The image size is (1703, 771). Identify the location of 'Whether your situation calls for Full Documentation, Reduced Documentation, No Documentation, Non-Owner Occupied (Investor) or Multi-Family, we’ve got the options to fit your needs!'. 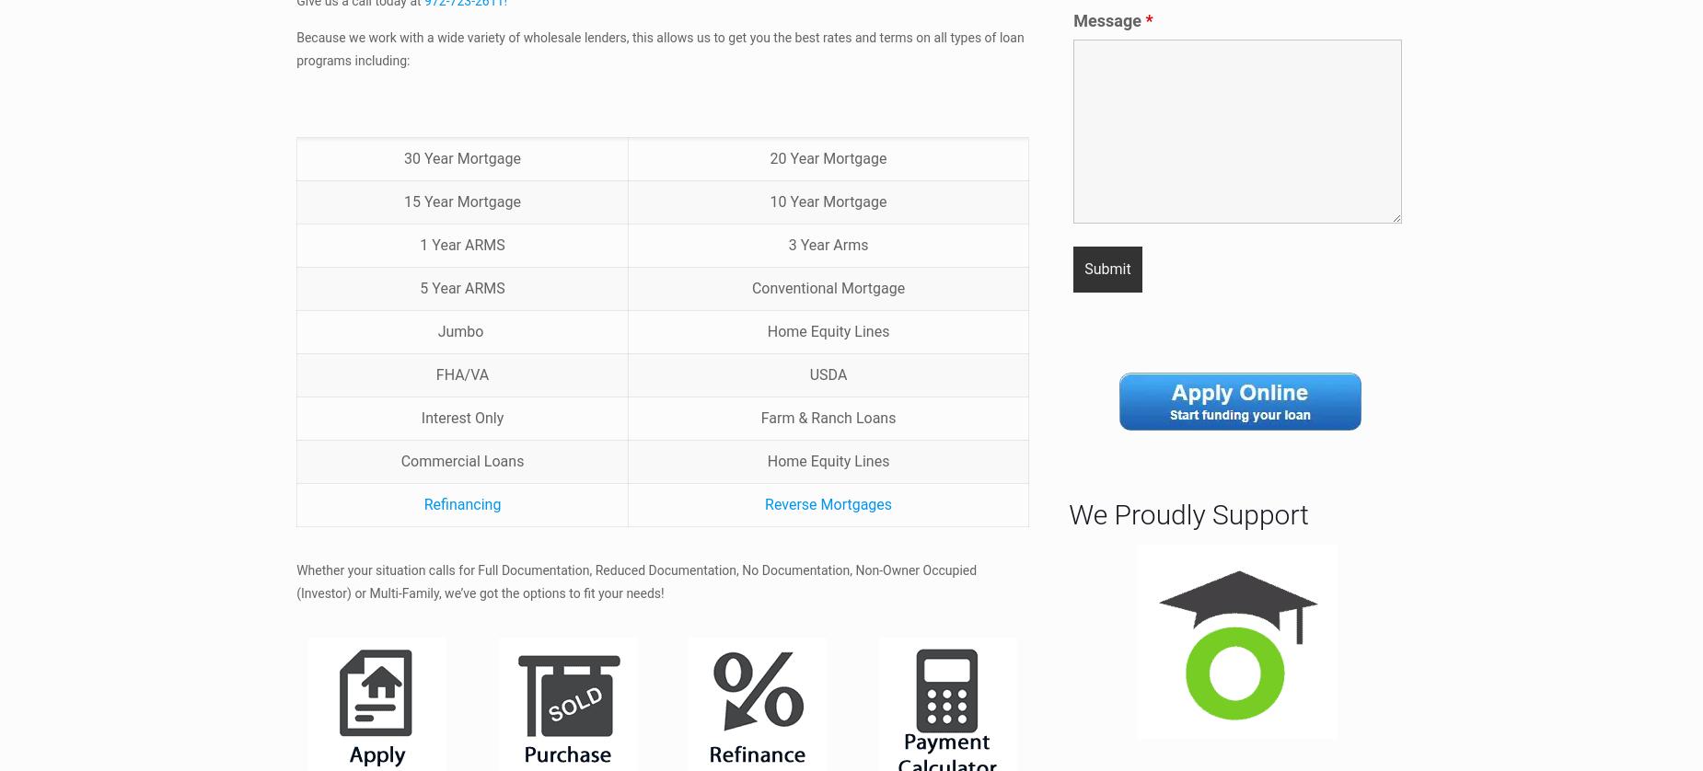
(295, 580).